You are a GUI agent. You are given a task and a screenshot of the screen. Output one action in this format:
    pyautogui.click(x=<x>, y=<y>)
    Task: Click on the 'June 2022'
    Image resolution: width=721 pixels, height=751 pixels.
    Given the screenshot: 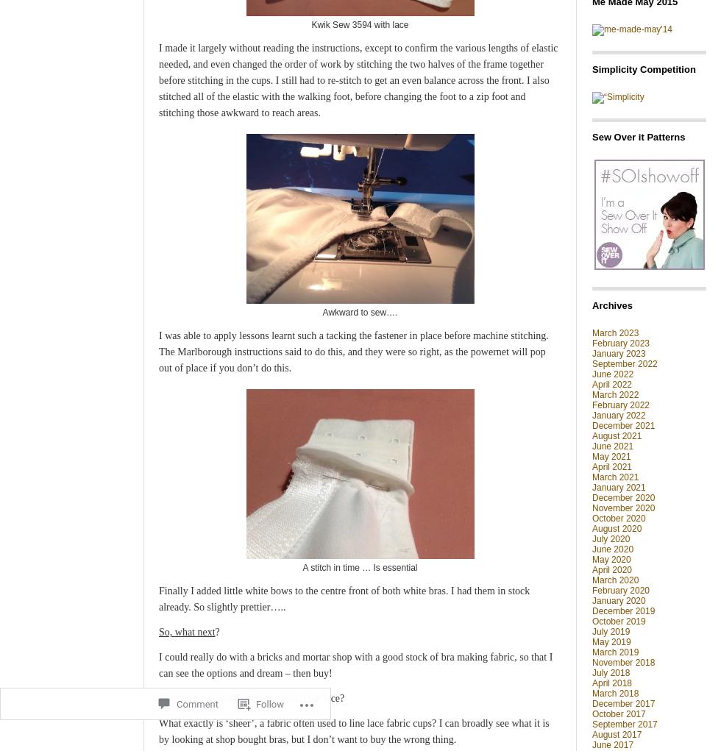 What is the action you would take?
    pyautogui.click(x=613, y=373)
    